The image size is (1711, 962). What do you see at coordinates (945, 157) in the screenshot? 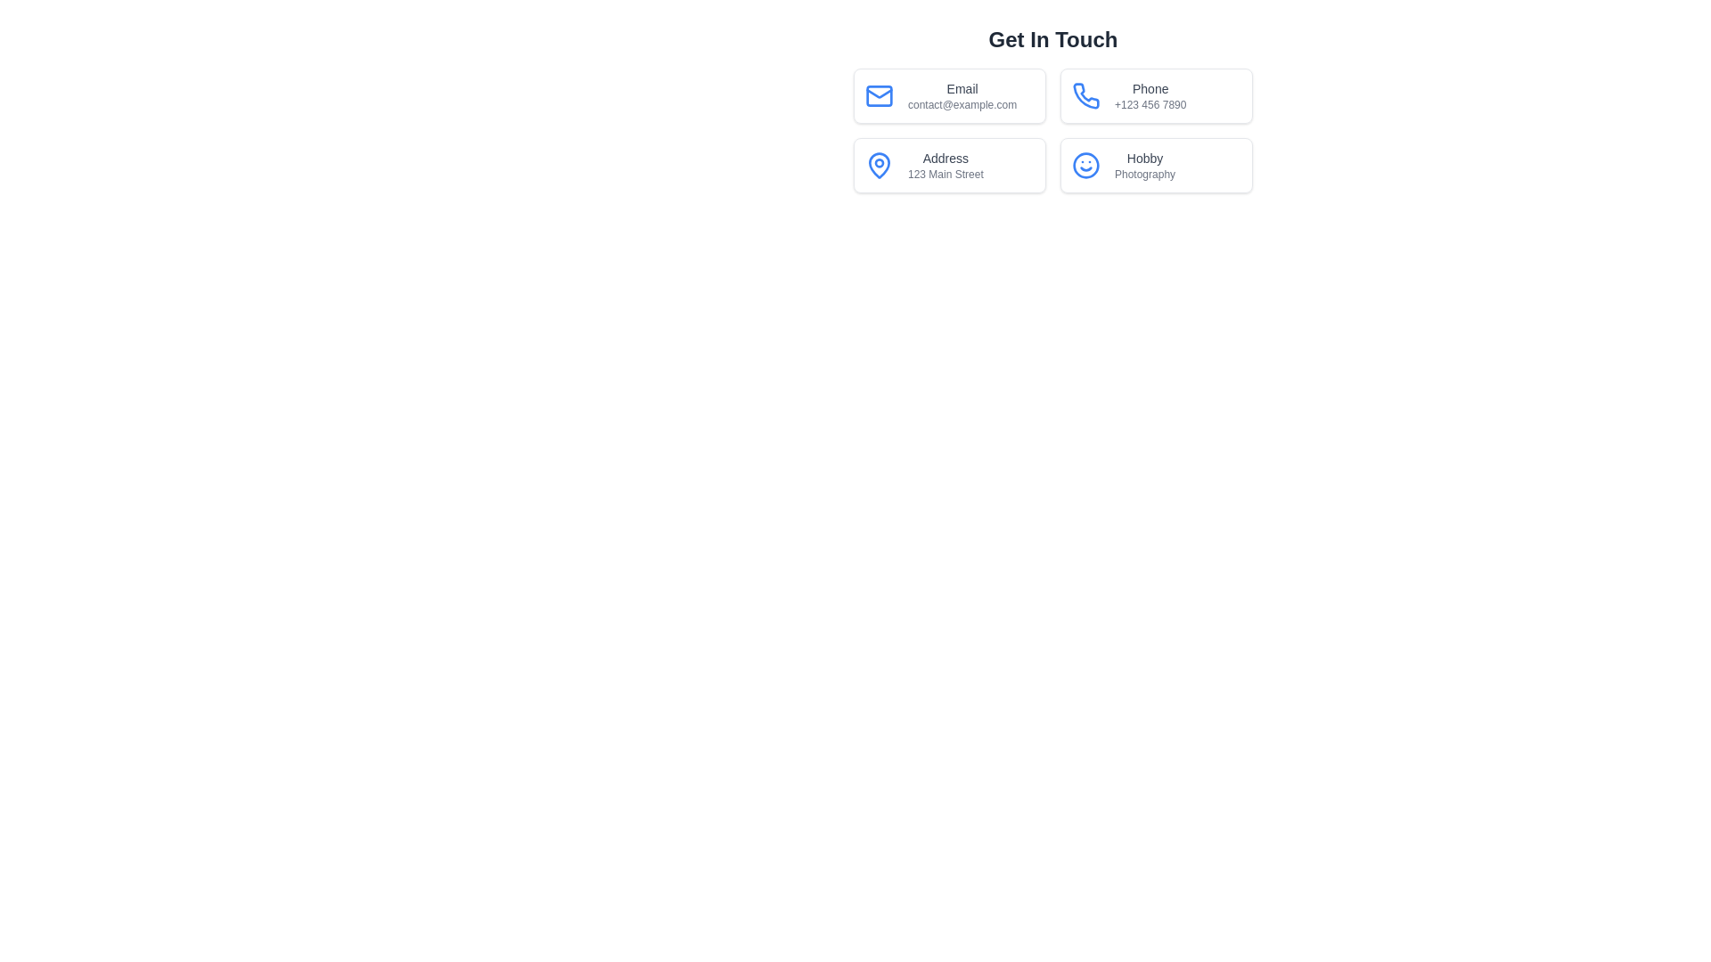
I see `the text label displaying 'Address' in gray color, positioned in the contact information grid's second row, first column` at bounding box center [945, 157].